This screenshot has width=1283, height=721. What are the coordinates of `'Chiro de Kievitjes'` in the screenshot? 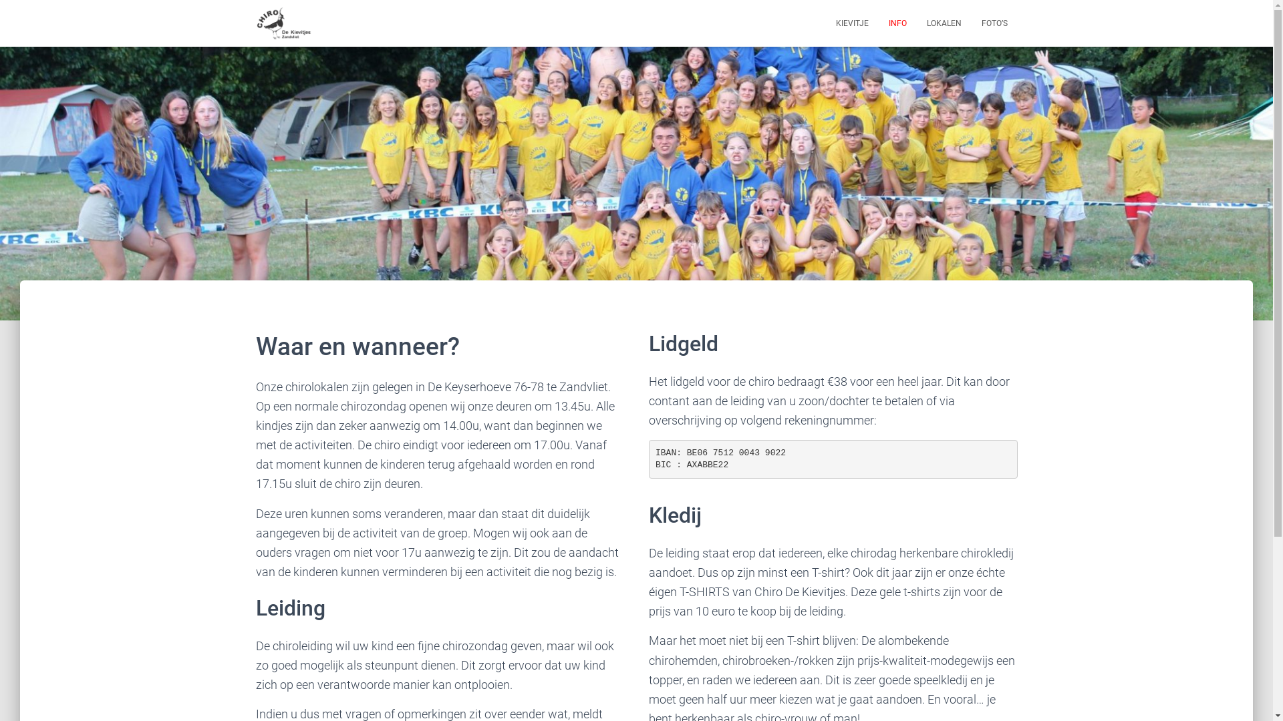 It's located at (283, 23).